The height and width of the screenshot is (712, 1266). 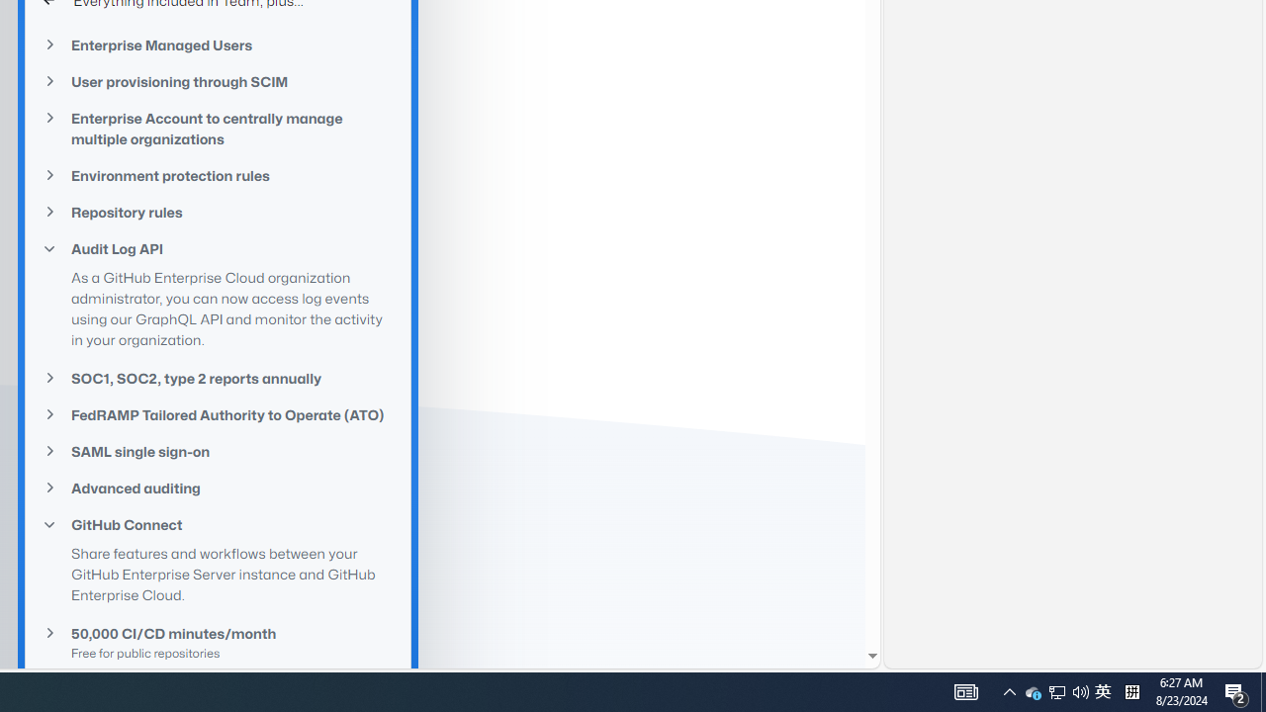 What do you see at coordinates (218, 413) in the screenshot?
I see `'FedRAMP Tailored Authority to Operate (ATO)'` at bounding box center [218, 413].